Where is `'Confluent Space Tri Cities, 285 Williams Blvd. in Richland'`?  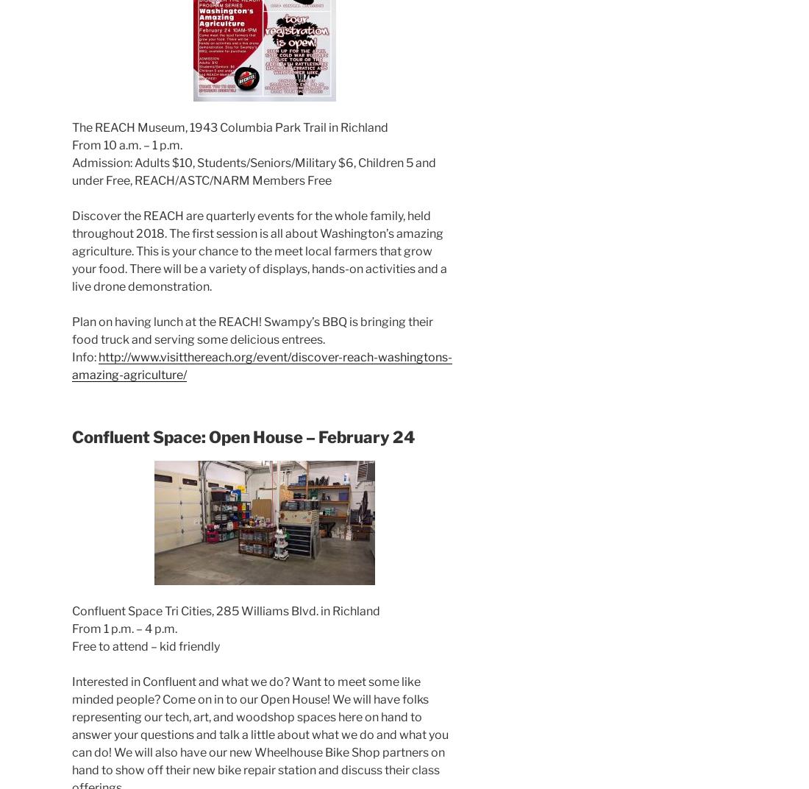
'Confluent Space Tri Cities, 285 Williams Blvd. in Richland' is located at coordinates (225, 610).